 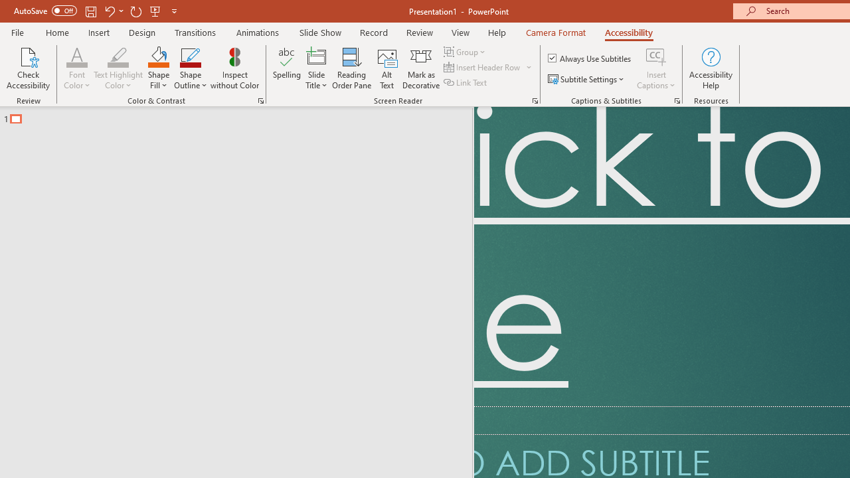 What do you see at coordinates (466, 51) in the screenshot?
I see `'Group'` at bounding box center [466, 51].